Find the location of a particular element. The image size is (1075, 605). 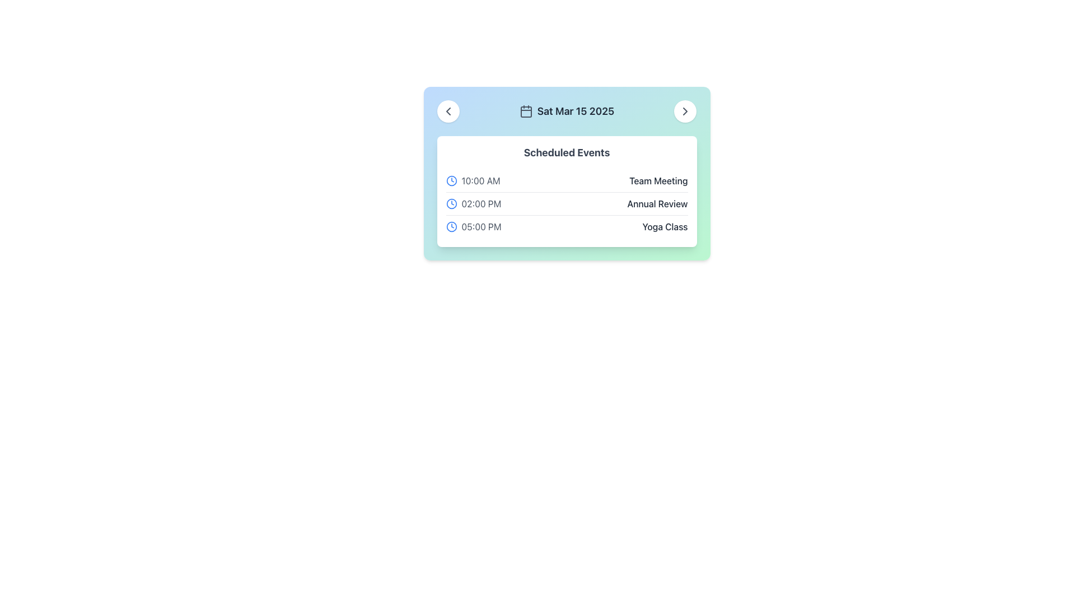

the static text label 'Scheduled Events' which is styled with bold and large font in dark gray, positioned at the top of the calendar card is located at coordinates (567, 153).